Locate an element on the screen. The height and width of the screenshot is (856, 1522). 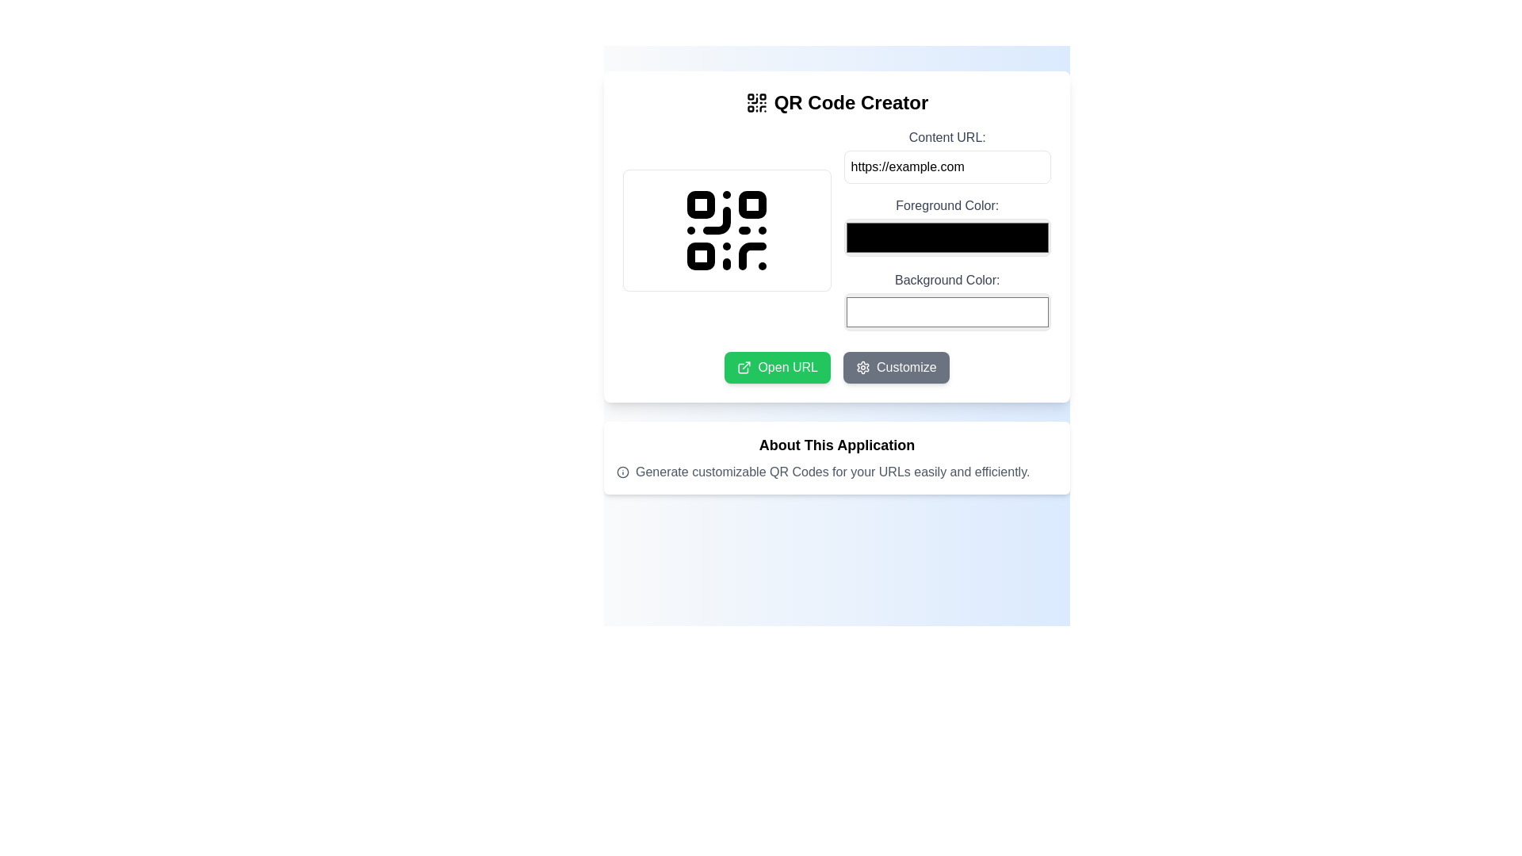
the Color picker input field located is located at coordinates (947, 227).